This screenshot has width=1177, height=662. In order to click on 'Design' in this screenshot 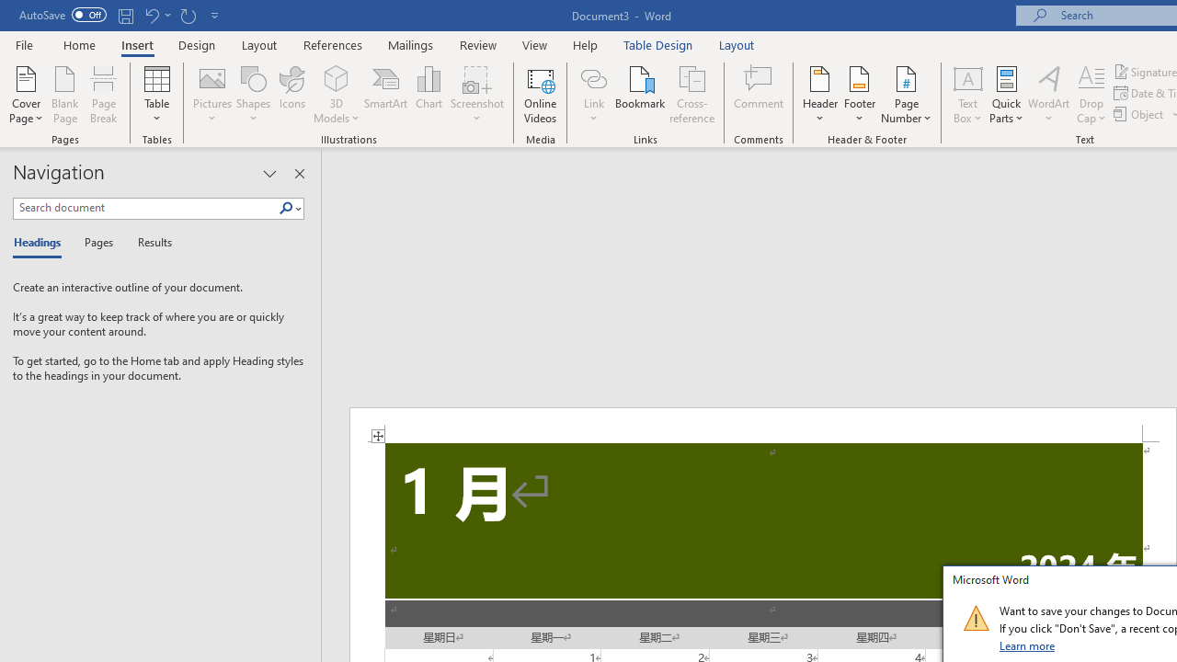, I will do `click(197, 44)`.